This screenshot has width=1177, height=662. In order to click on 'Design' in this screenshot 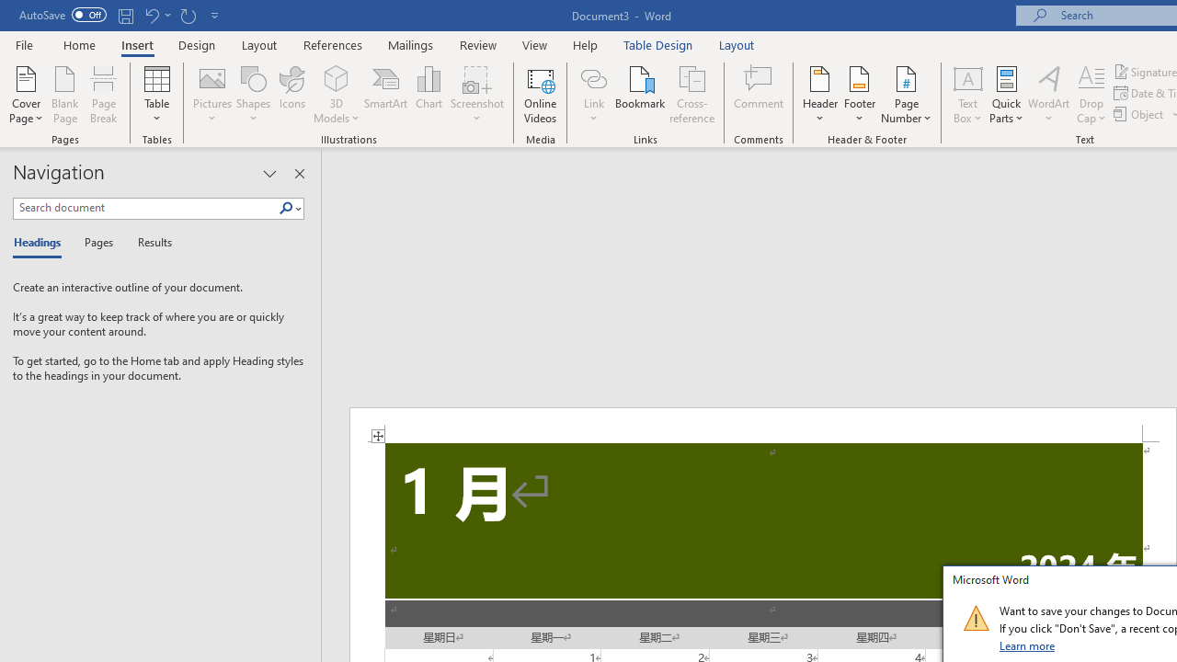, I will do `click(197, 44)`.